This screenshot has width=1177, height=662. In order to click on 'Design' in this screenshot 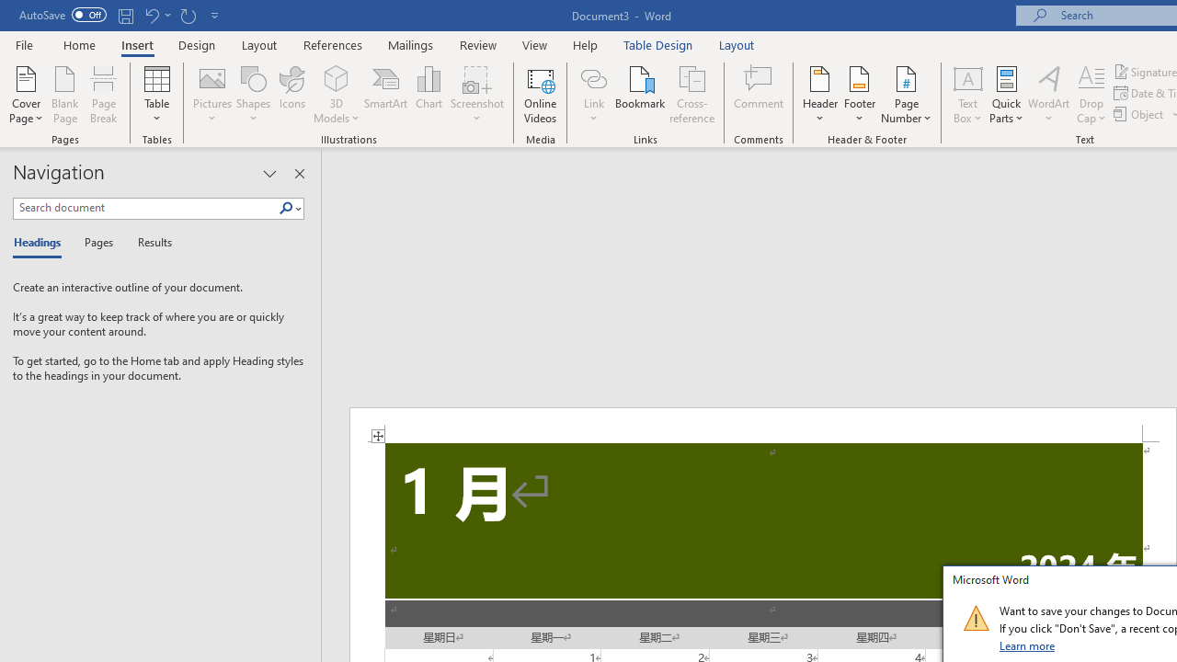, I will do `click(197, 44)`.